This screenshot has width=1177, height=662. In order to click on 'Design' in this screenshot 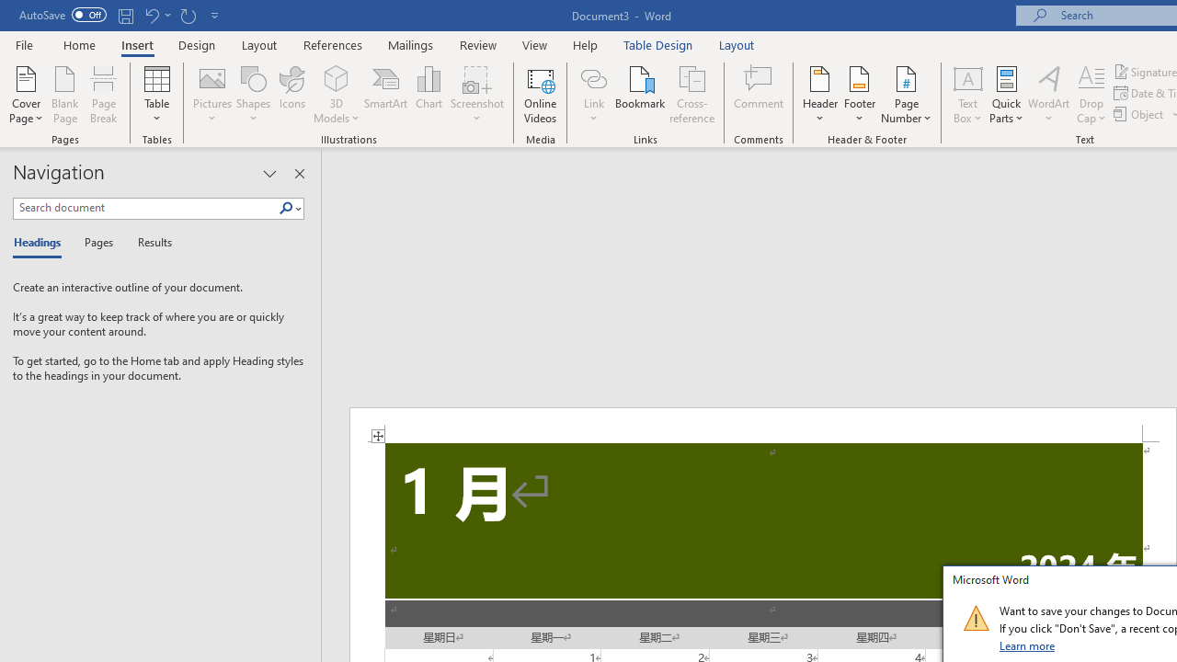, I will do `click(197, 44)`.